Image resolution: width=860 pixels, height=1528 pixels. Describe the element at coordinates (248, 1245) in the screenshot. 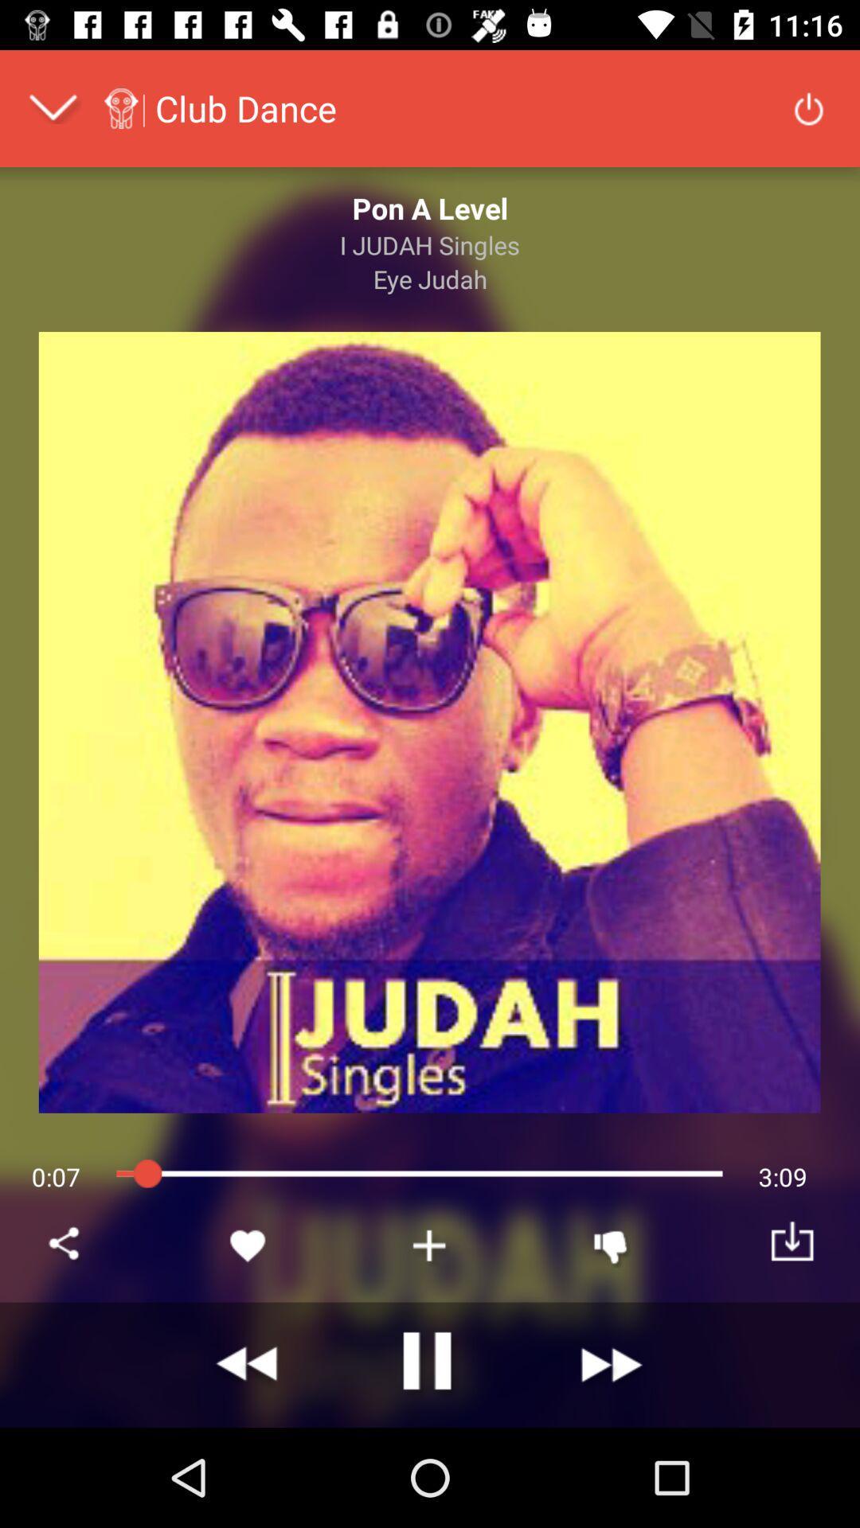

I see `like song option` at that location.